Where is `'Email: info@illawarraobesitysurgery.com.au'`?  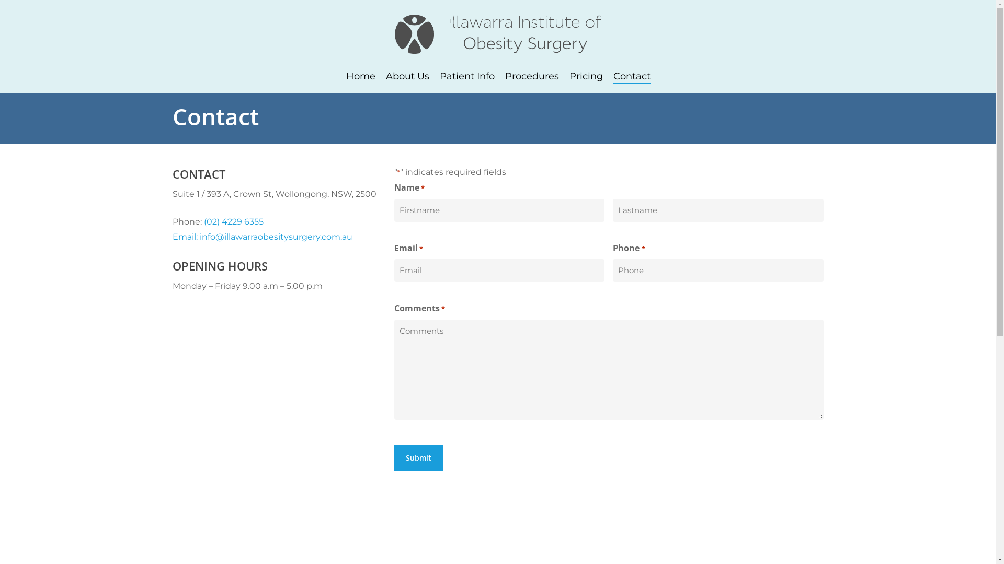 'Email: info@illawarraobesitysurgery.com.au' is located at coordinates (263, 237).